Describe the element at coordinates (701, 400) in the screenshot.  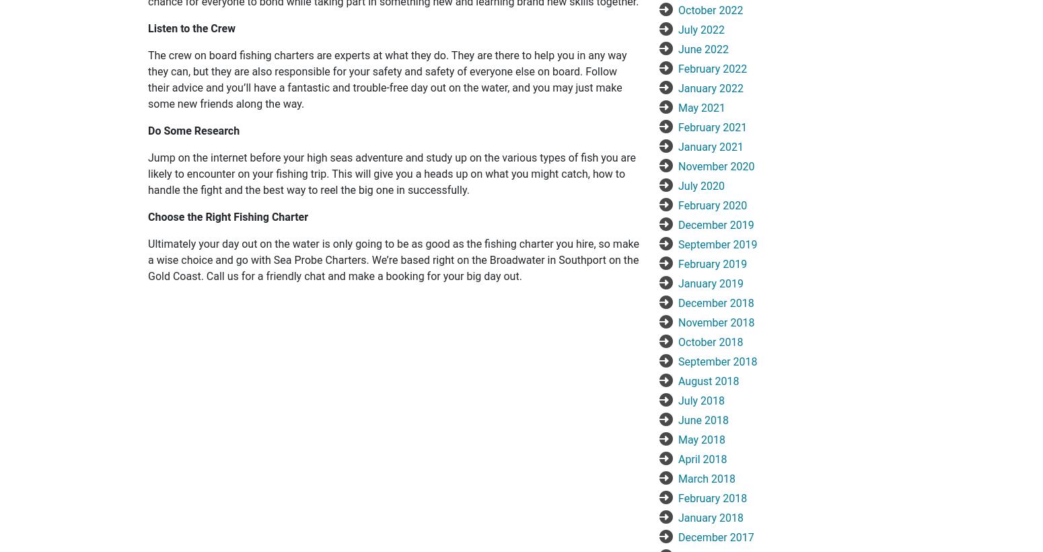
I see `'July 2018'` at that location.